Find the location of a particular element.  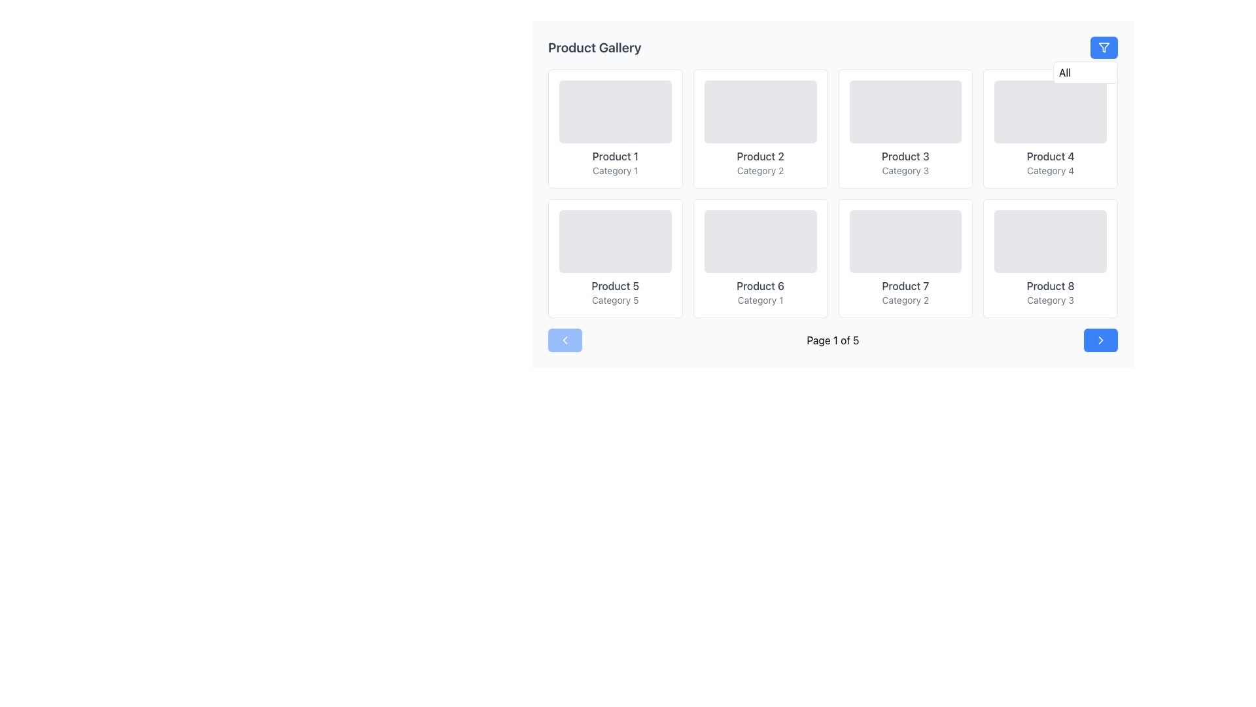

or read the text from the 'Product 3' label located in the third card of the first row in the grid layout is located at coordinates (905, 156).